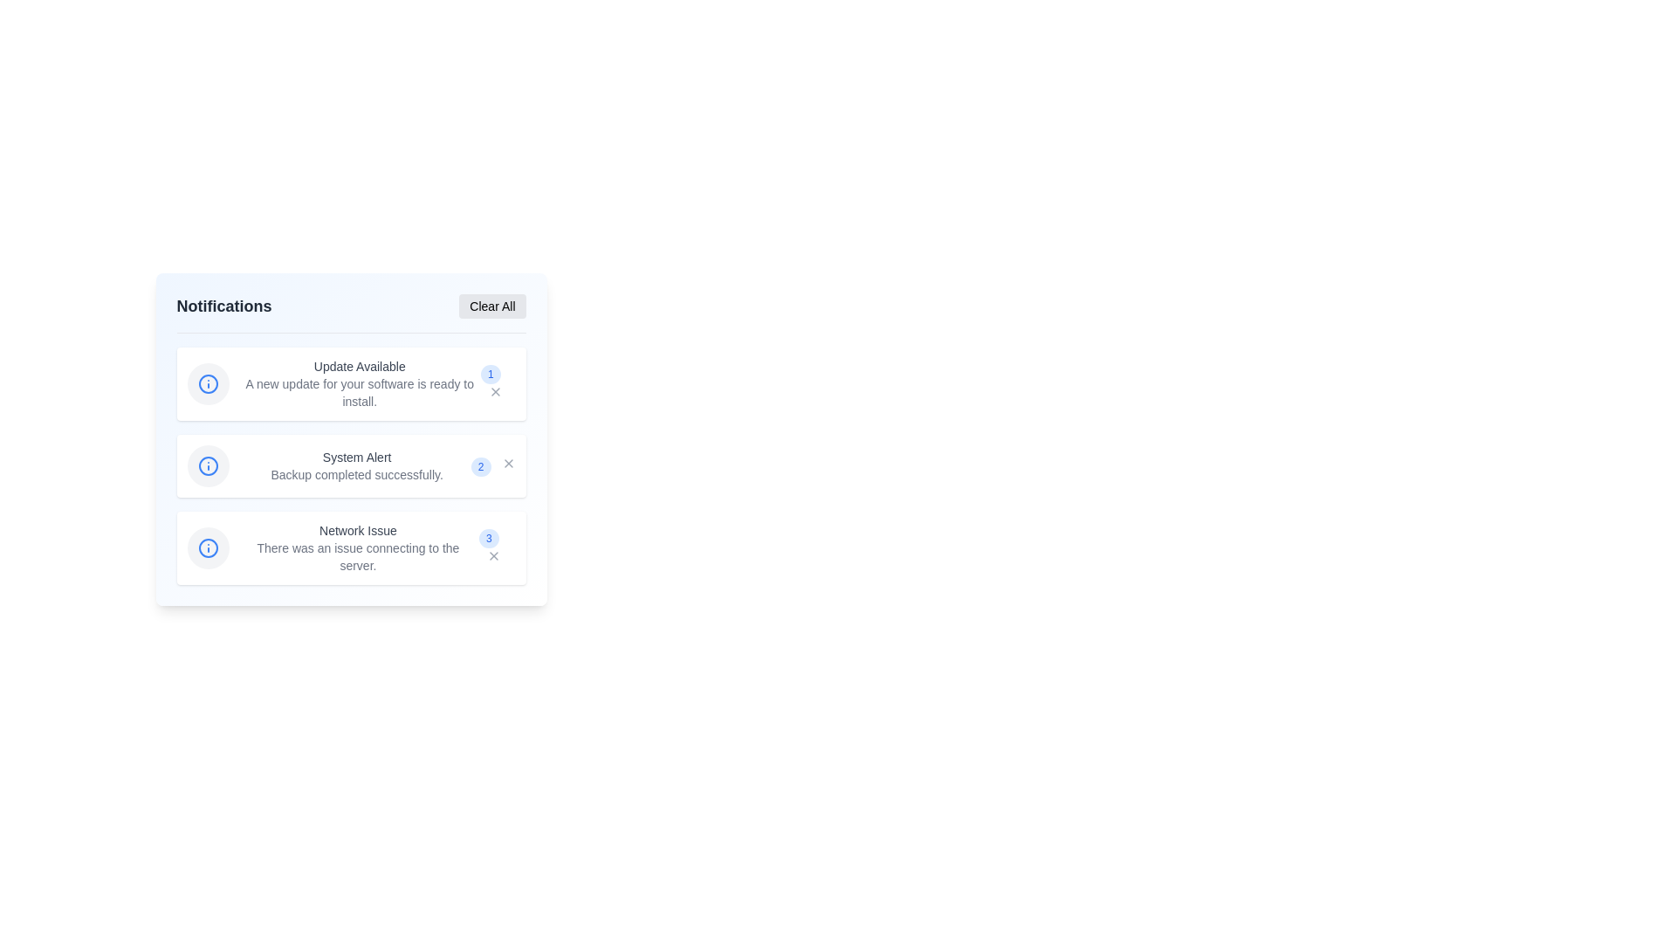 Image resolution: width=1676 pixels, height=943 pixels. I want to click on the Text Label that notifies the user about an update, which is located above the text 'A new update for your software is ready to install.' and aligned centrally within the notification area, so click(359, 366).